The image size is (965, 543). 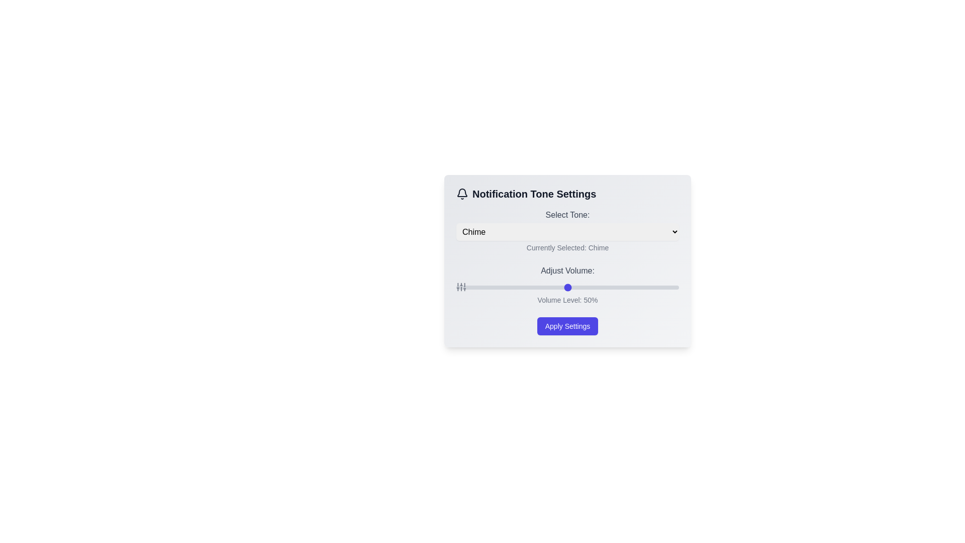 I want to click on the 'Apply Settings' button, which is a rectangular indigo button with white text, located at the bottom of the 'Notification Tone Settings' card, so click(x=567, y=326).